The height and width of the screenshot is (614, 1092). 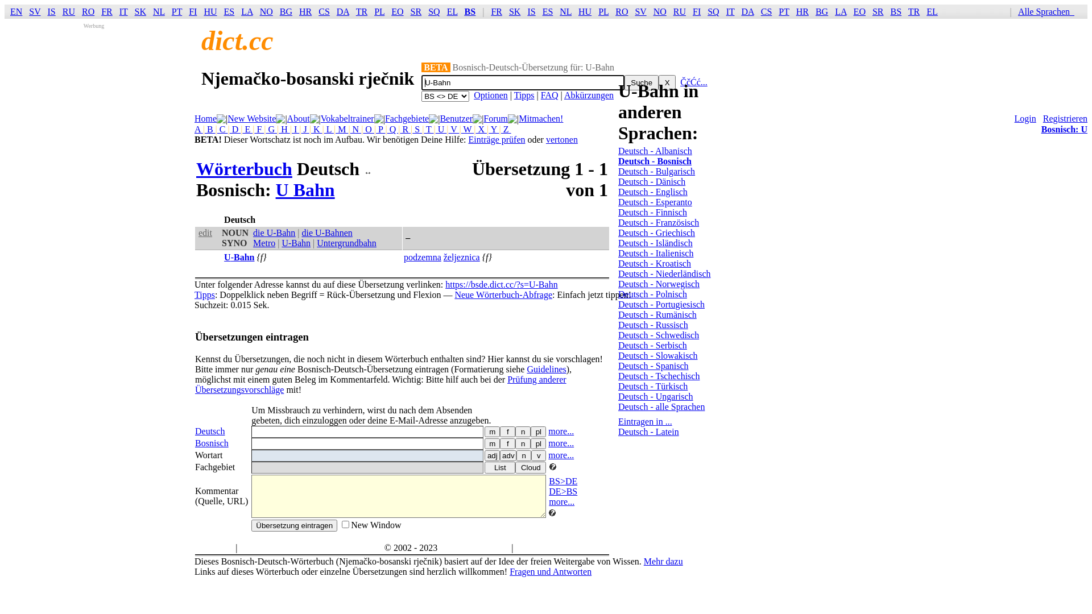 I want to click on 'adv', so click(x=507, y=455).